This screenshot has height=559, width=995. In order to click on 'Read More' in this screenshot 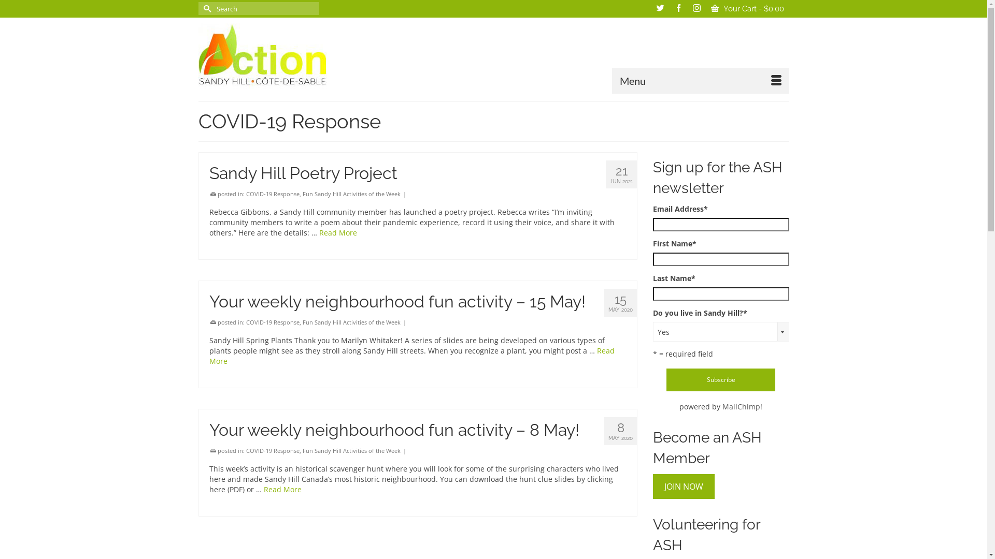, I will do `click(338, 232)`.